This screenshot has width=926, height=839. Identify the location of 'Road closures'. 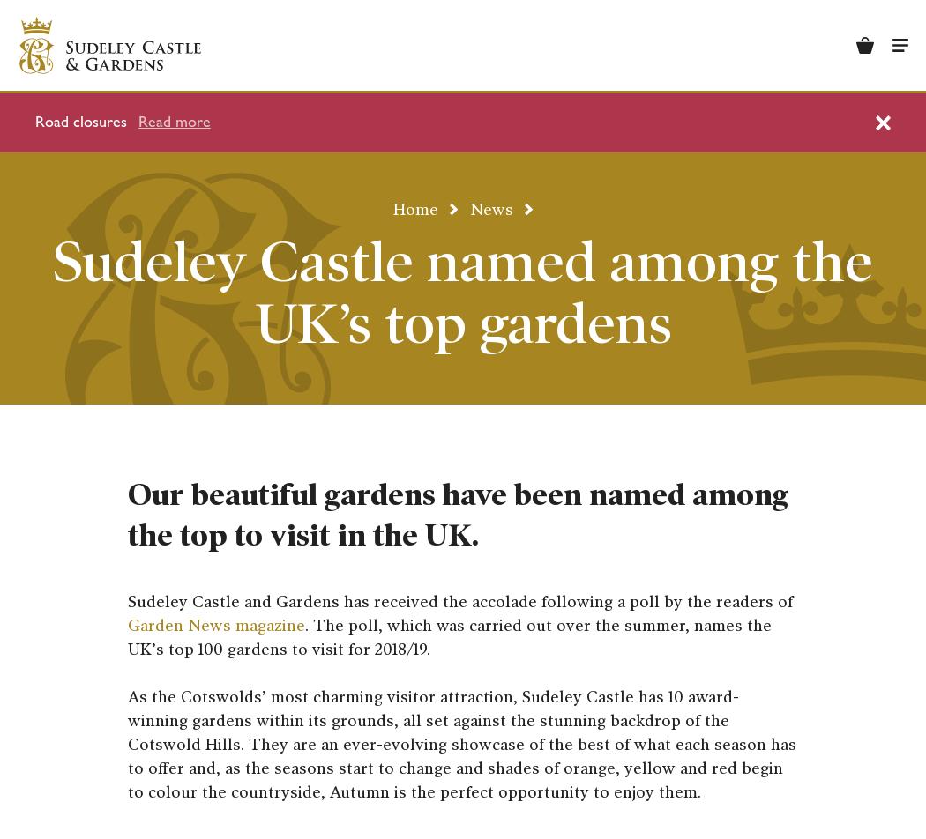
(80, 122).